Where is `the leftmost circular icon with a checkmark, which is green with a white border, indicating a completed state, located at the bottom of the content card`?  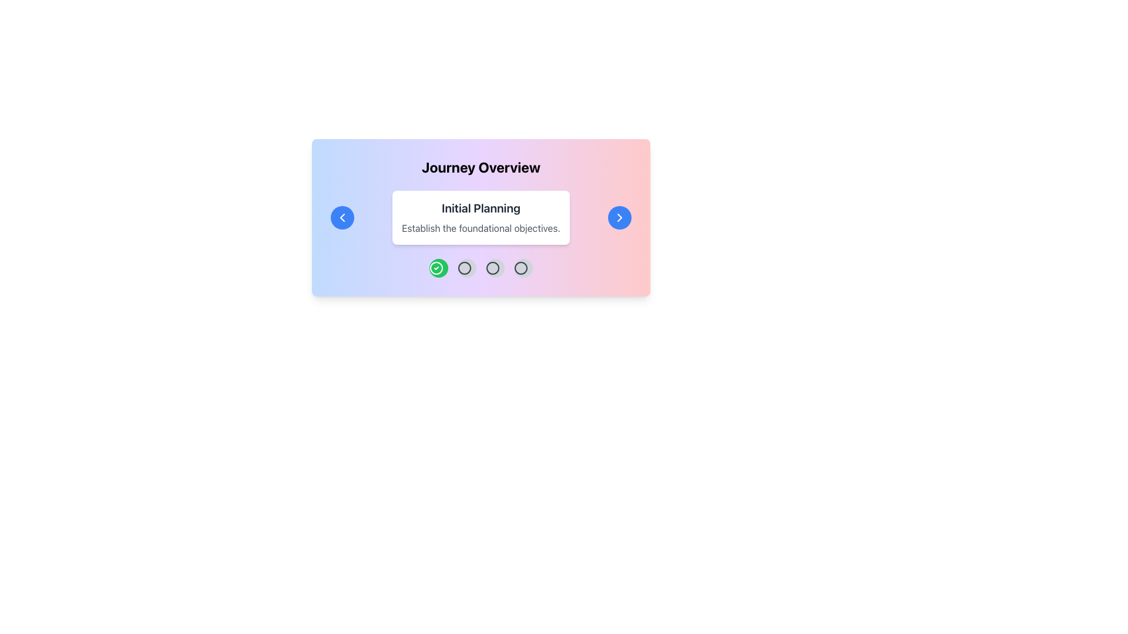 the leftmost circular icon with a checkmark, which is green with a white border, indicating a completed state, located at the bottom of the content card is located at coordinates (436, 268).